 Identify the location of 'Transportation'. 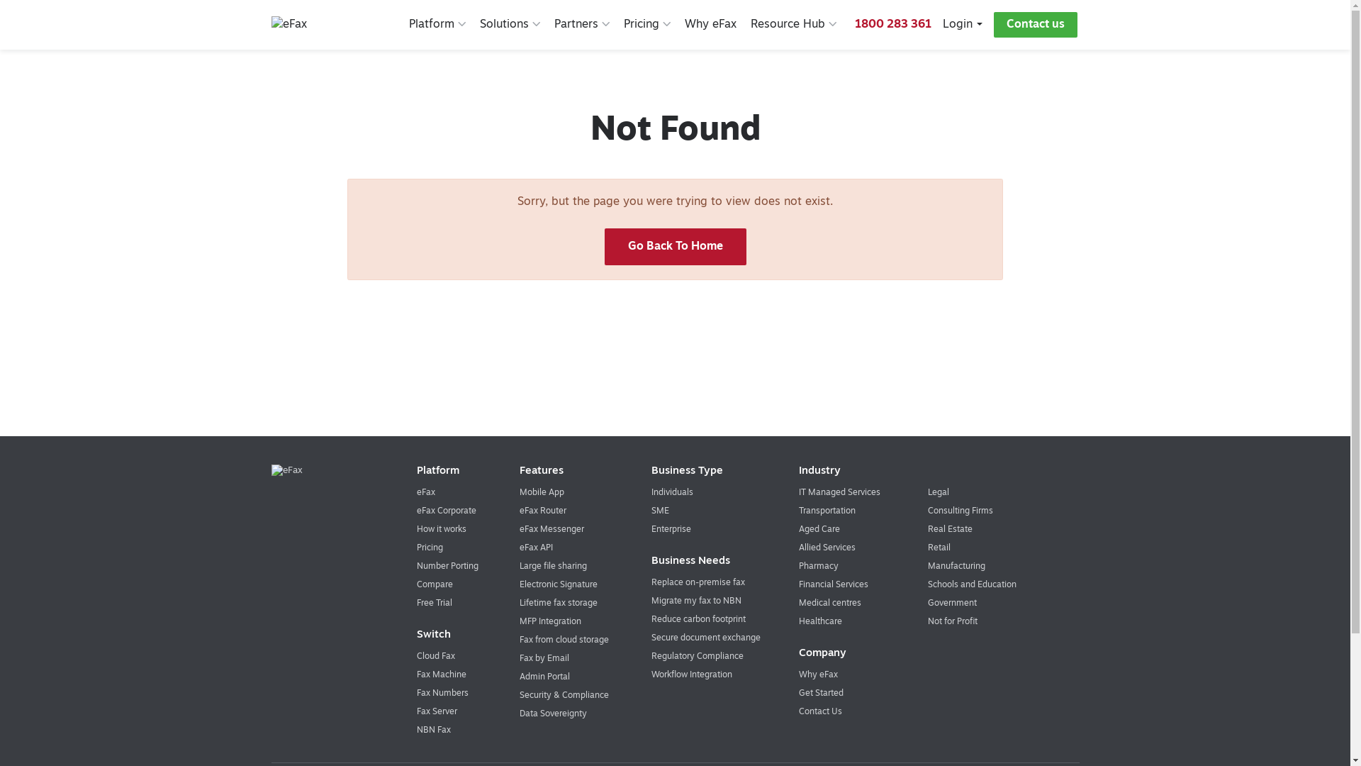
(827, 511).